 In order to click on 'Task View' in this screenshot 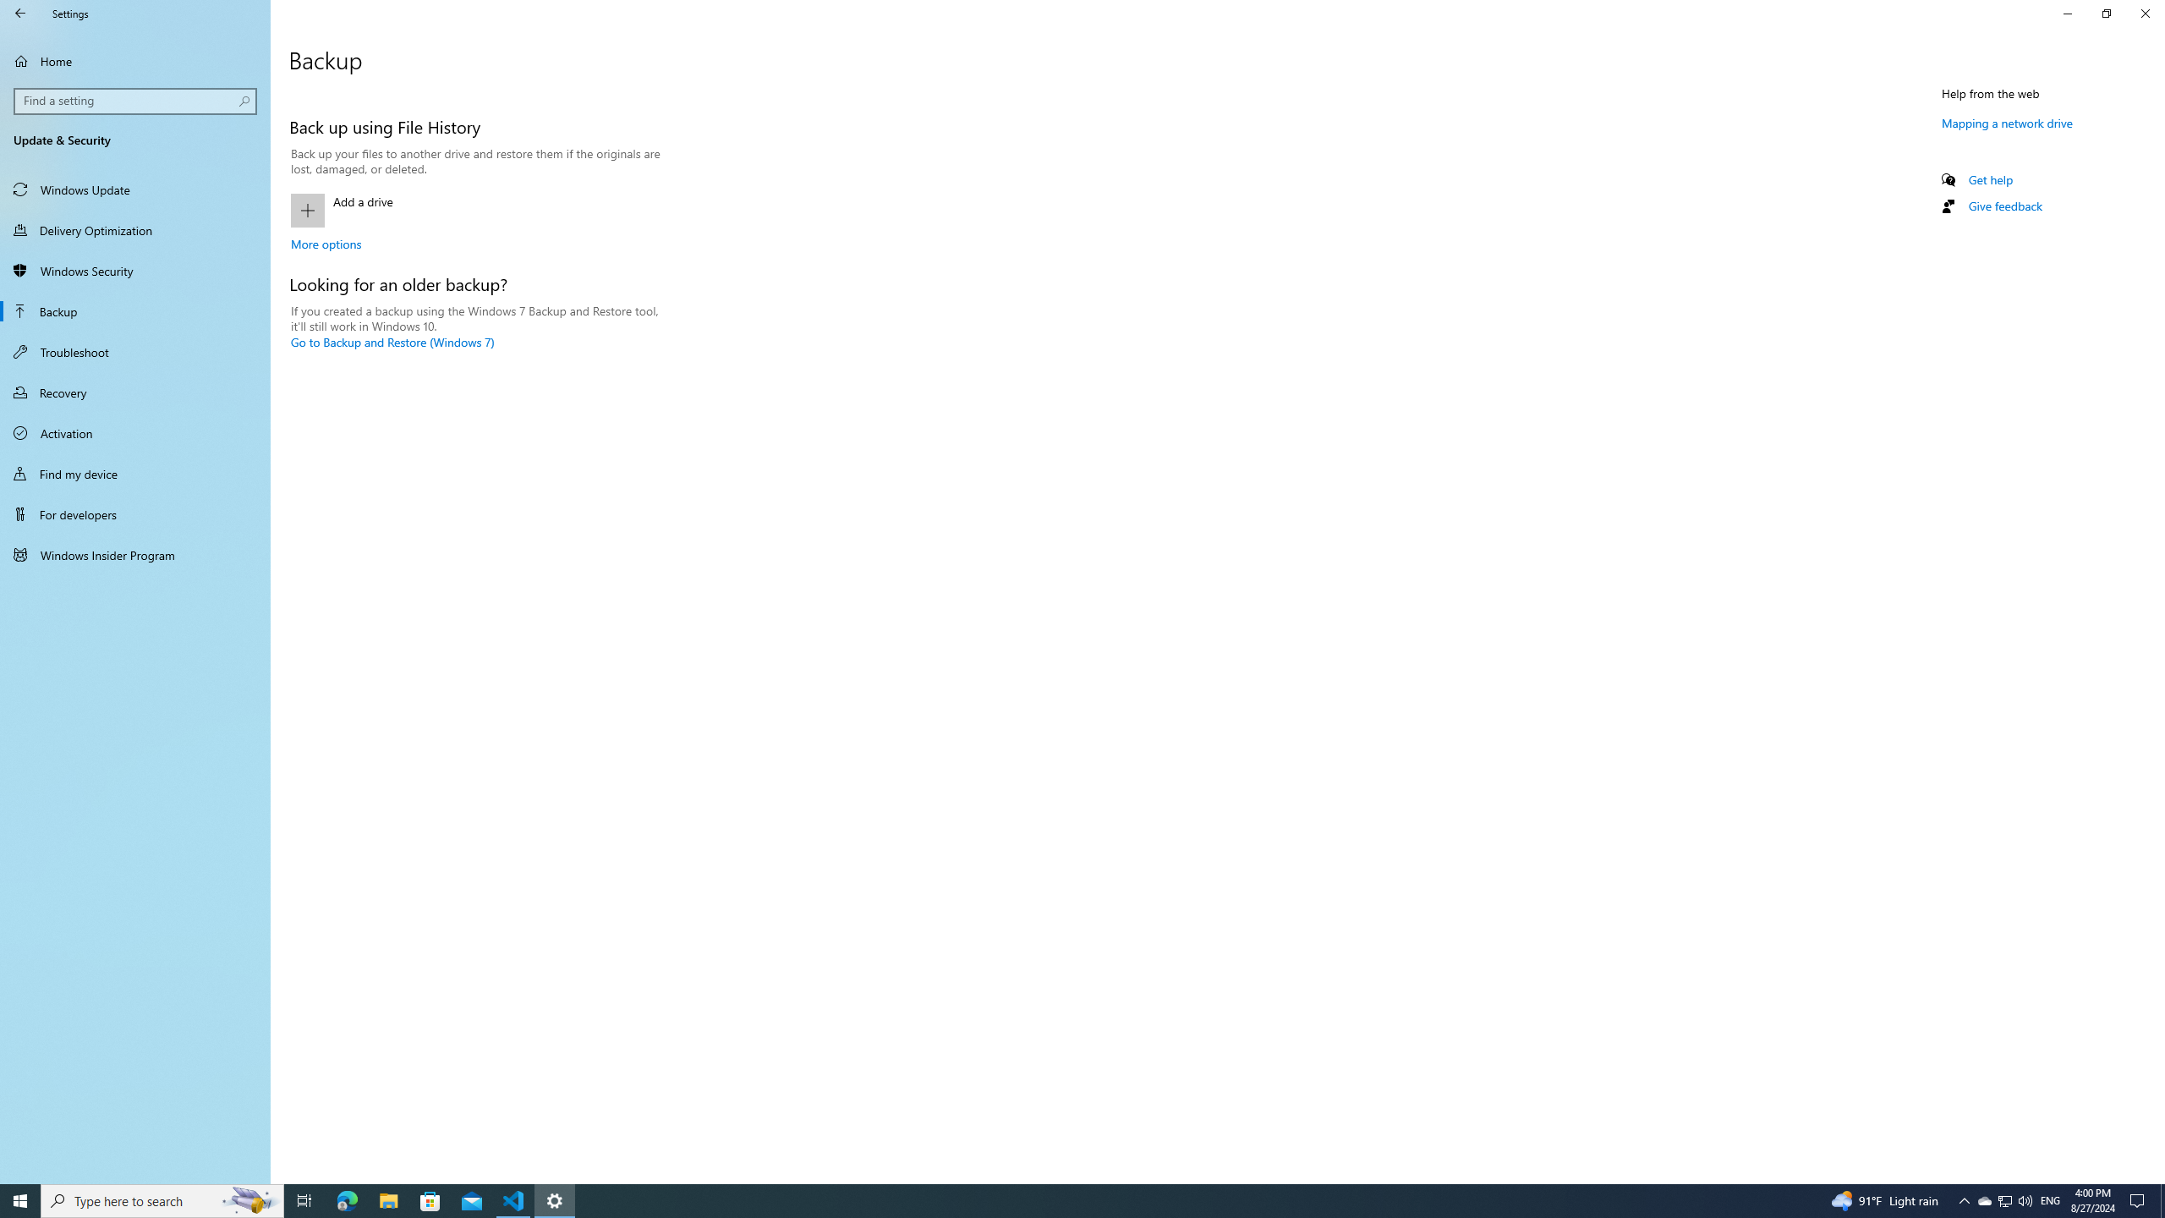, I will do `click(303, 1199)`.